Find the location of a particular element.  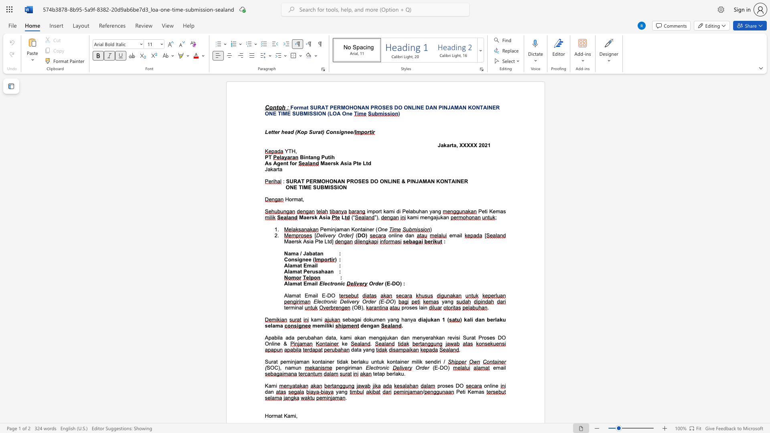

the subset text "signee" within the text "Consignee (" is located at coordinates (294, 259).